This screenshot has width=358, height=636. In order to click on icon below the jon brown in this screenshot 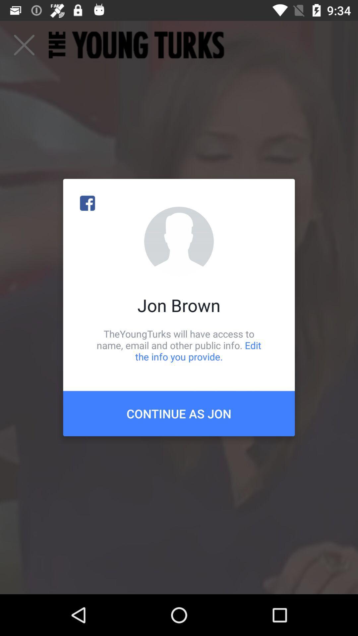, I will do `click(179, 345)`.